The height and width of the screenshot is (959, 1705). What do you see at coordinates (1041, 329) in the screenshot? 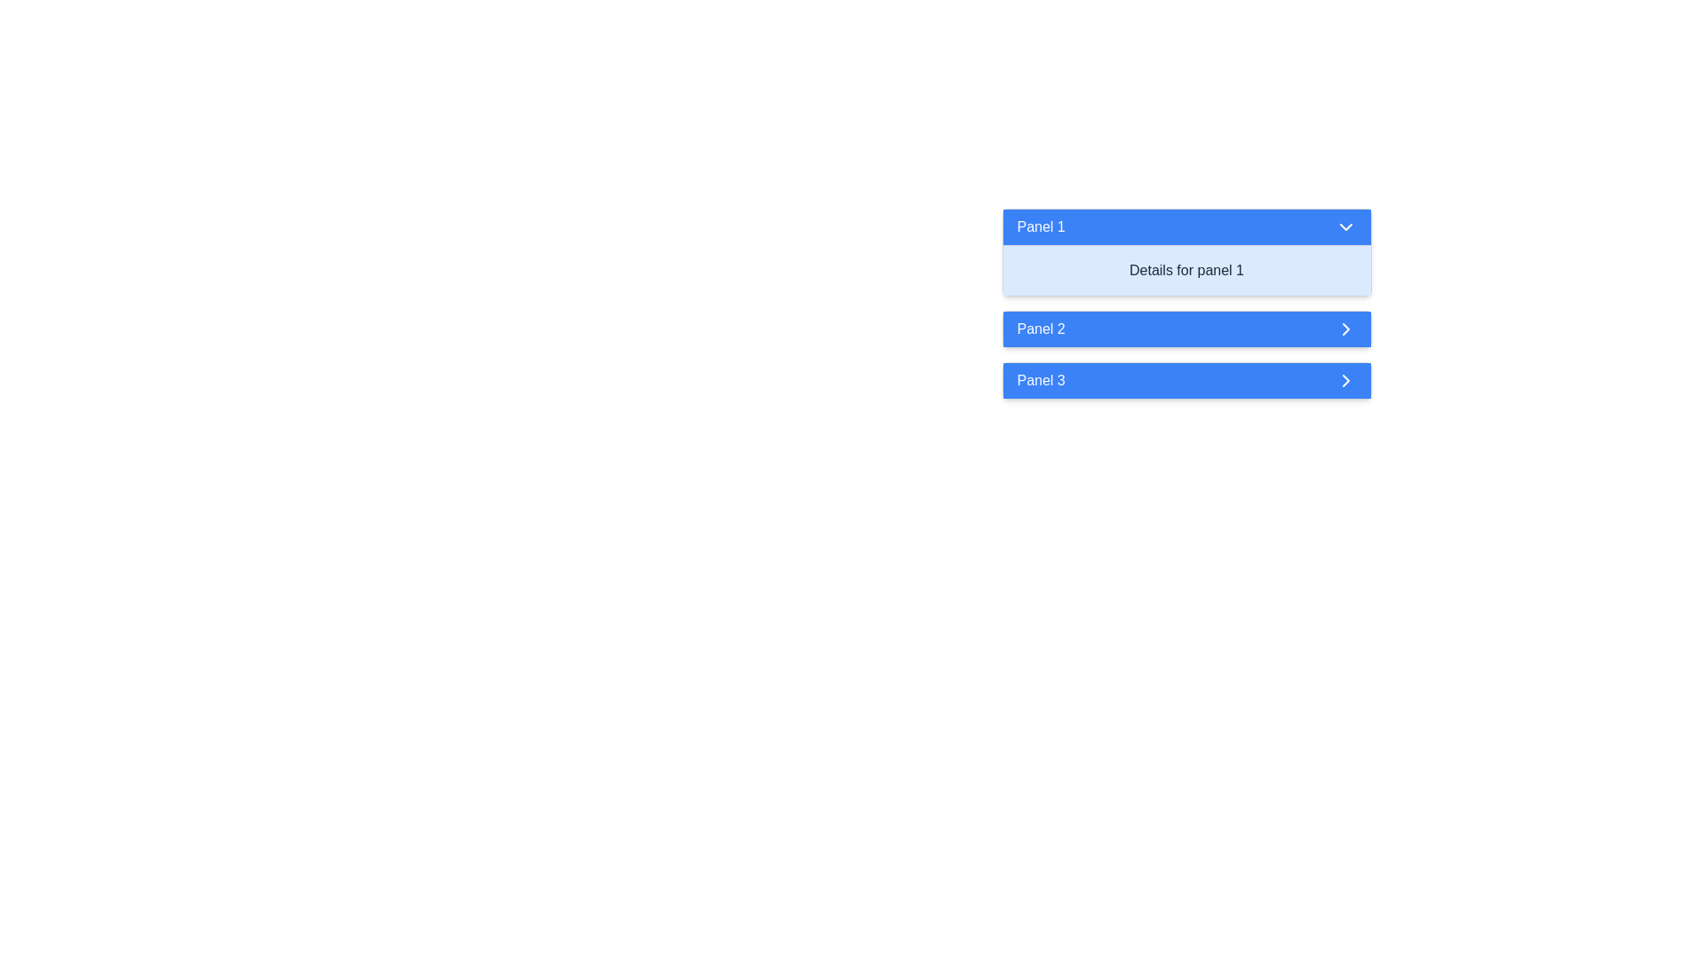
I see `the text label displaying 'Panel 2' which is a white text on a blue rectangular button with rounded corners, positioned in a vertical list between 'Panel 1' and 'Panel 3'` at bounding box center [1041, 329].